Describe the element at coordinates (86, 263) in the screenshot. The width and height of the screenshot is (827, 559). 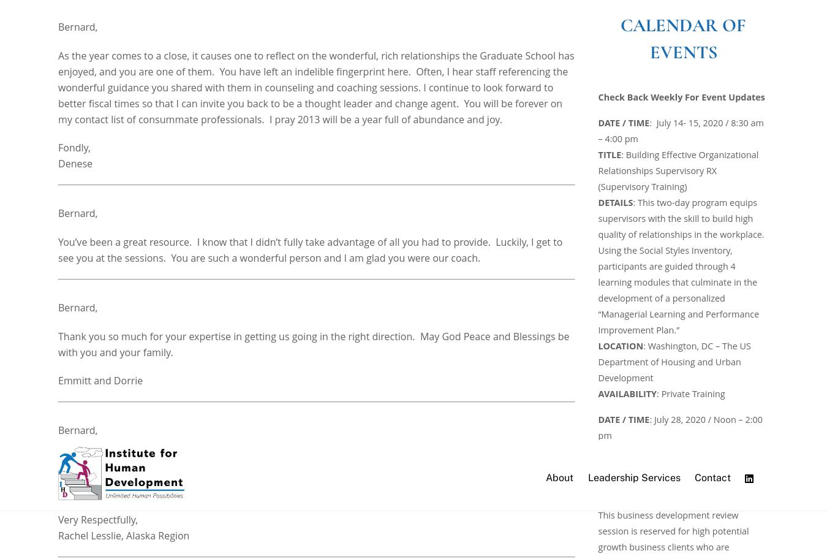
I see `'Mr. Bernard,'` at that location.